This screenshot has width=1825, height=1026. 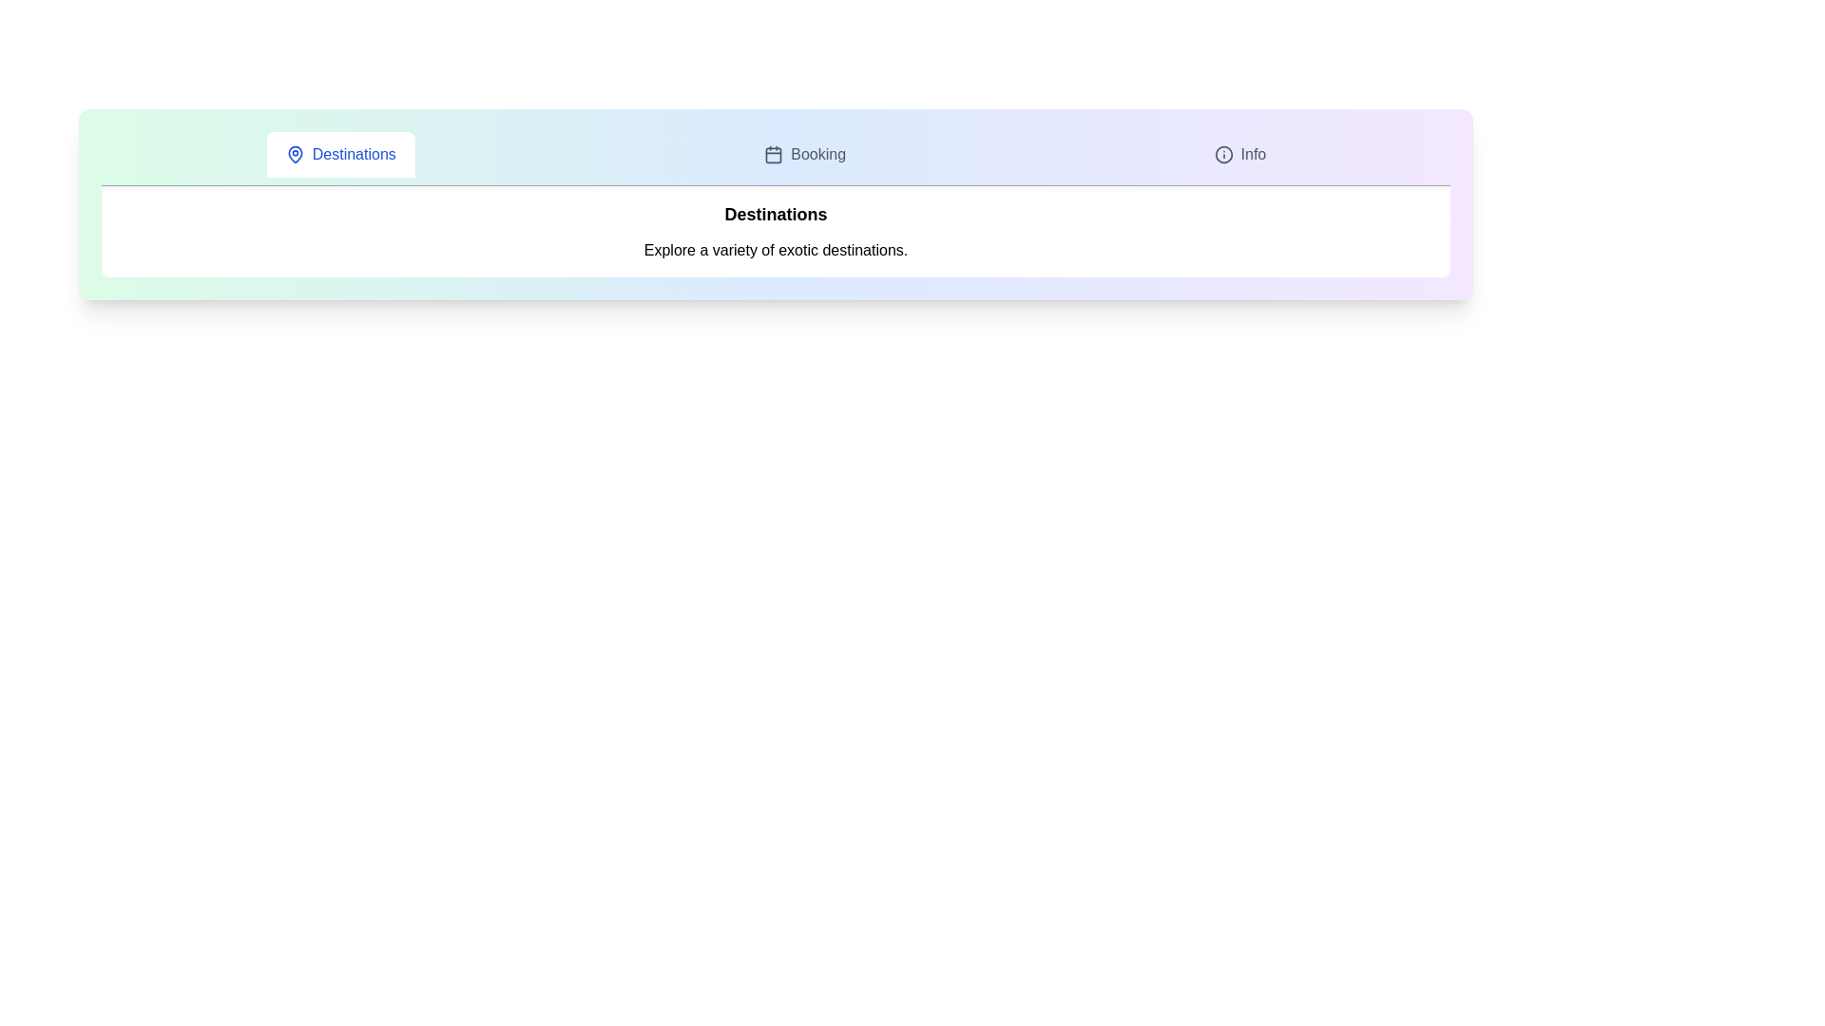 I want to click on the tab labeled 'Info' to switch to it, so click(x=1239, y=153).